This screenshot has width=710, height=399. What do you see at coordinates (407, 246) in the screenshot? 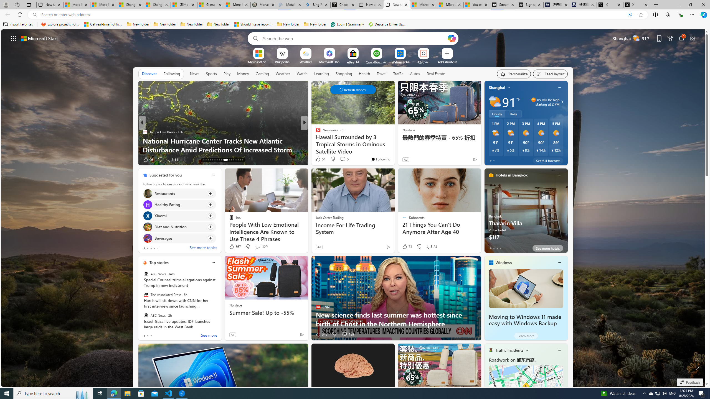
I see `'73 Like'` at bounding box center [407, 246].